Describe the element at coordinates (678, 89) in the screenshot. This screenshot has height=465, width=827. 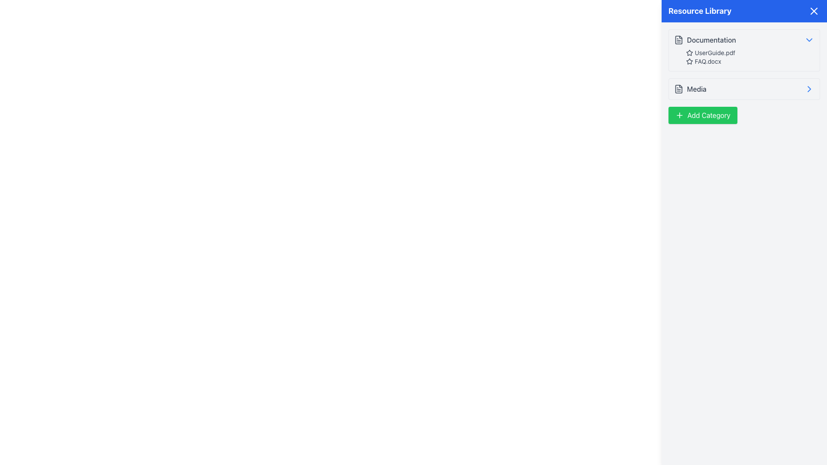
I see `the 'Media' icon located in the 'Resource Library' section, positioned to the left of the text 'Media'` at that location.